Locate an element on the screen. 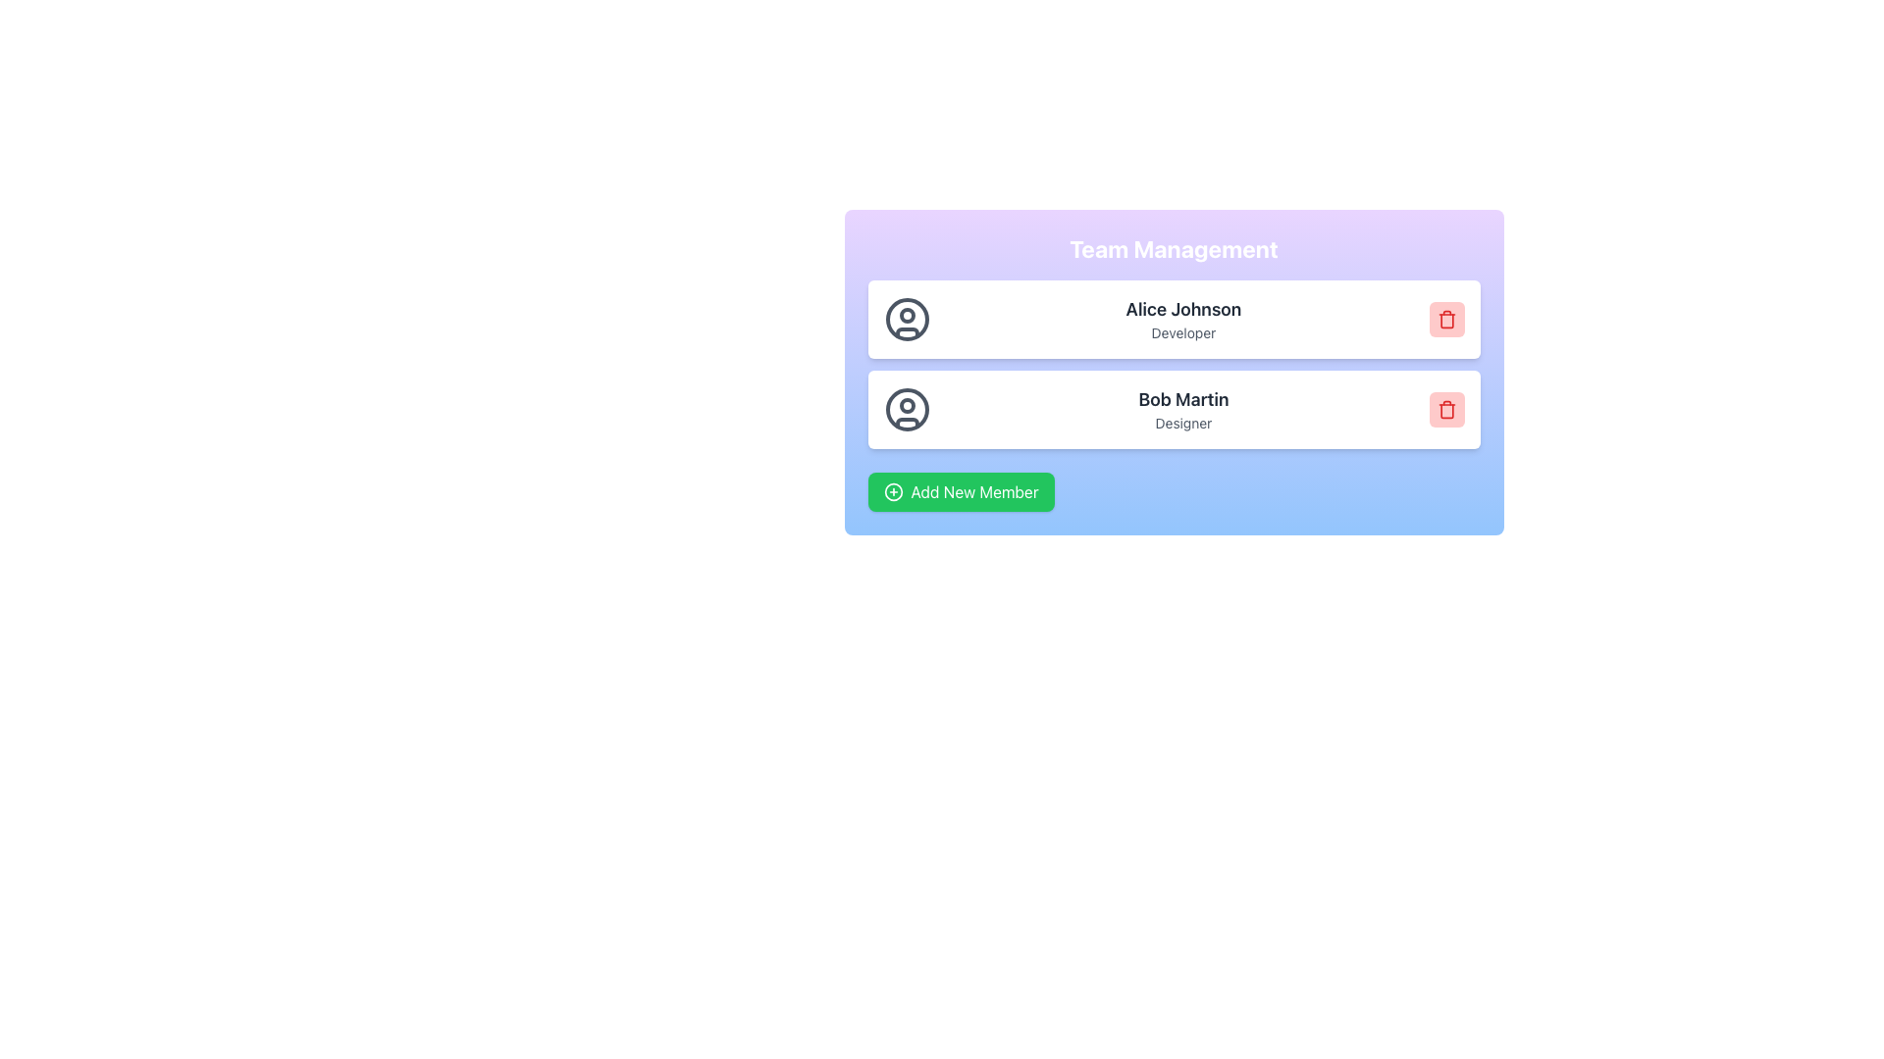 Image resolution: width=1884 pixels, height=1059 pixels. the member's name in the Profile card with delete action is located at coordinates (1174, 408).